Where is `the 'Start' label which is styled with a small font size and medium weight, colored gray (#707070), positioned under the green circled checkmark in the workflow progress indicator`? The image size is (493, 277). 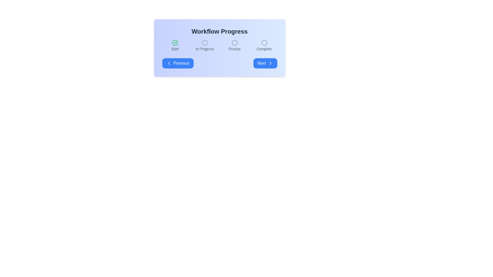
the 'Start' label which is styled with a small font size and medium weight, colored gray (#707070), positioned under the green circled checkmark in the workflow progress indicator is located at coordinates (175, 49).